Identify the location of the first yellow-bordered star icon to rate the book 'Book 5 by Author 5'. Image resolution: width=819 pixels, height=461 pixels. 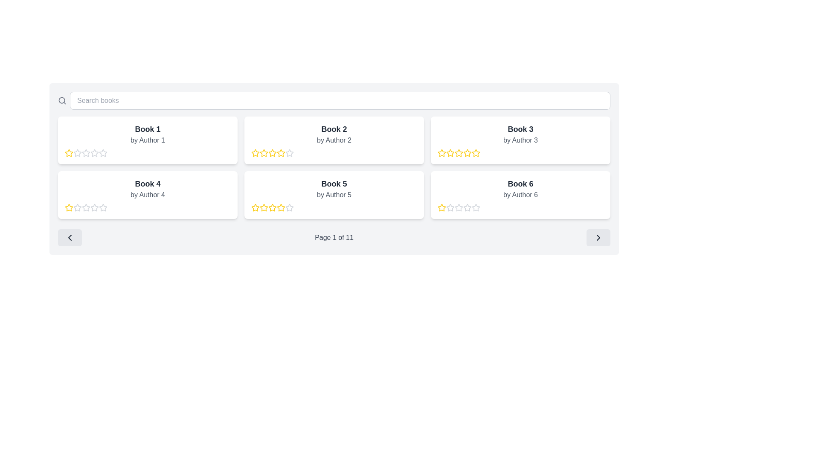
(255, 207).